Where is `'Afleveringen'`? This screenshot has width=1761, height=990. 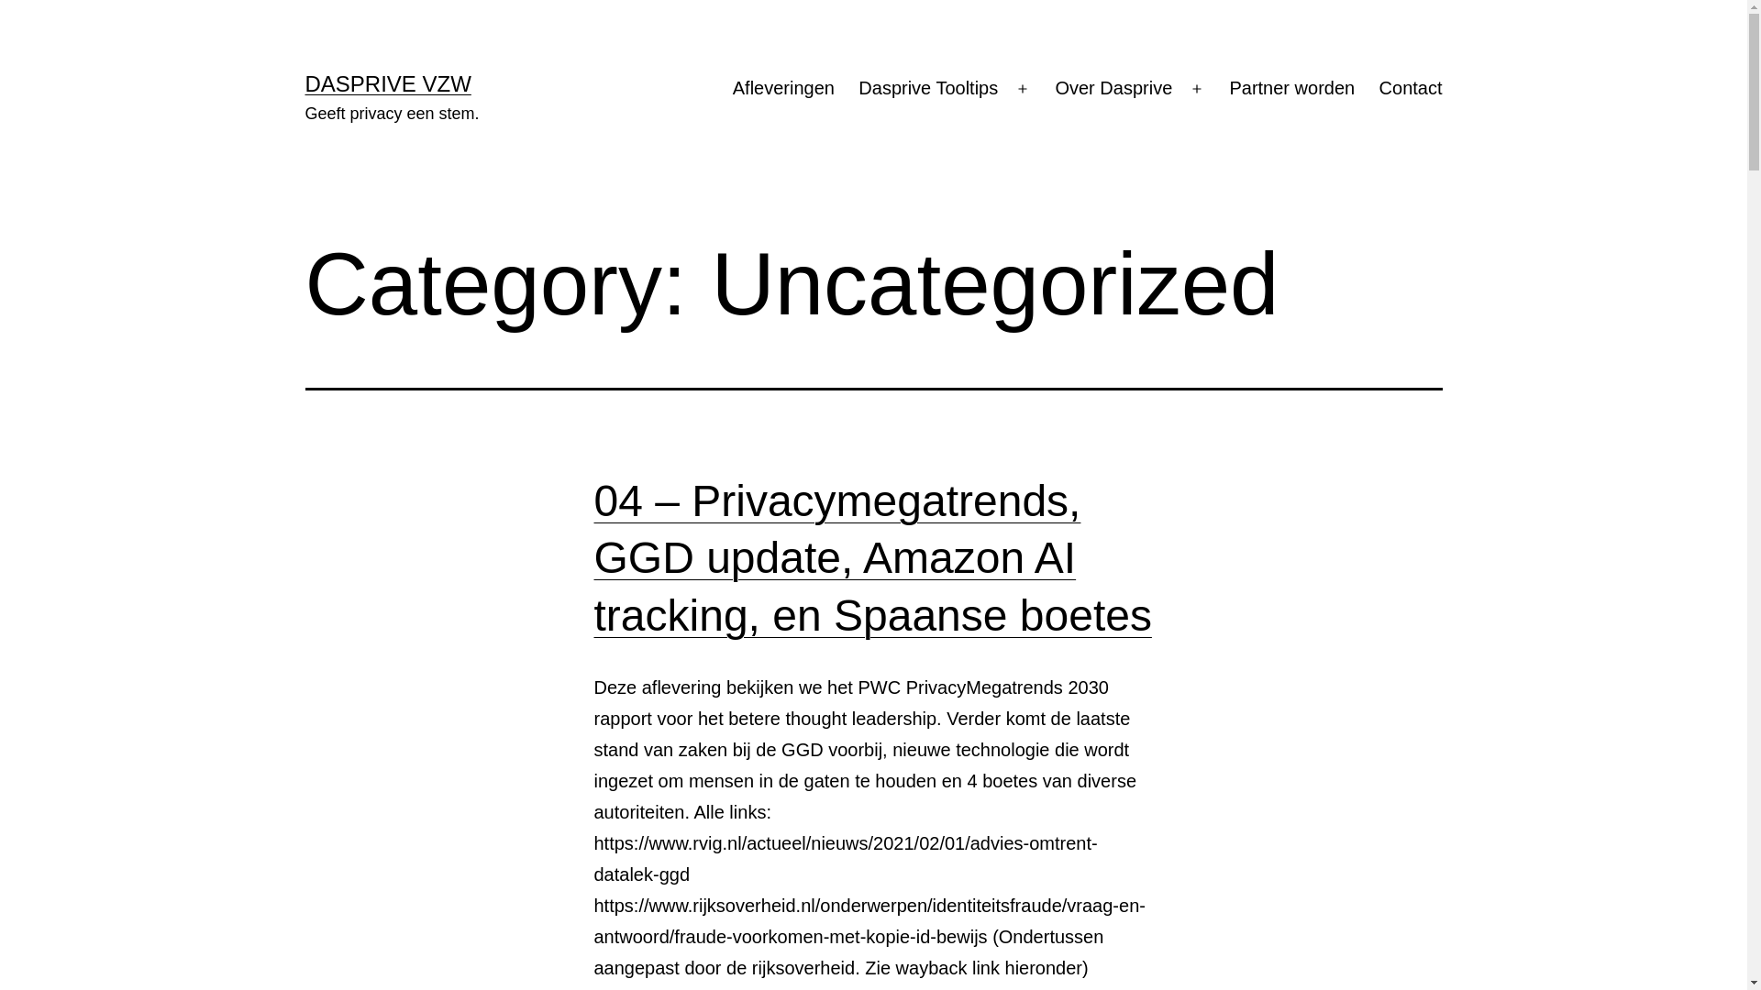
'Afleveringen' is located at coordinates (783, 88).